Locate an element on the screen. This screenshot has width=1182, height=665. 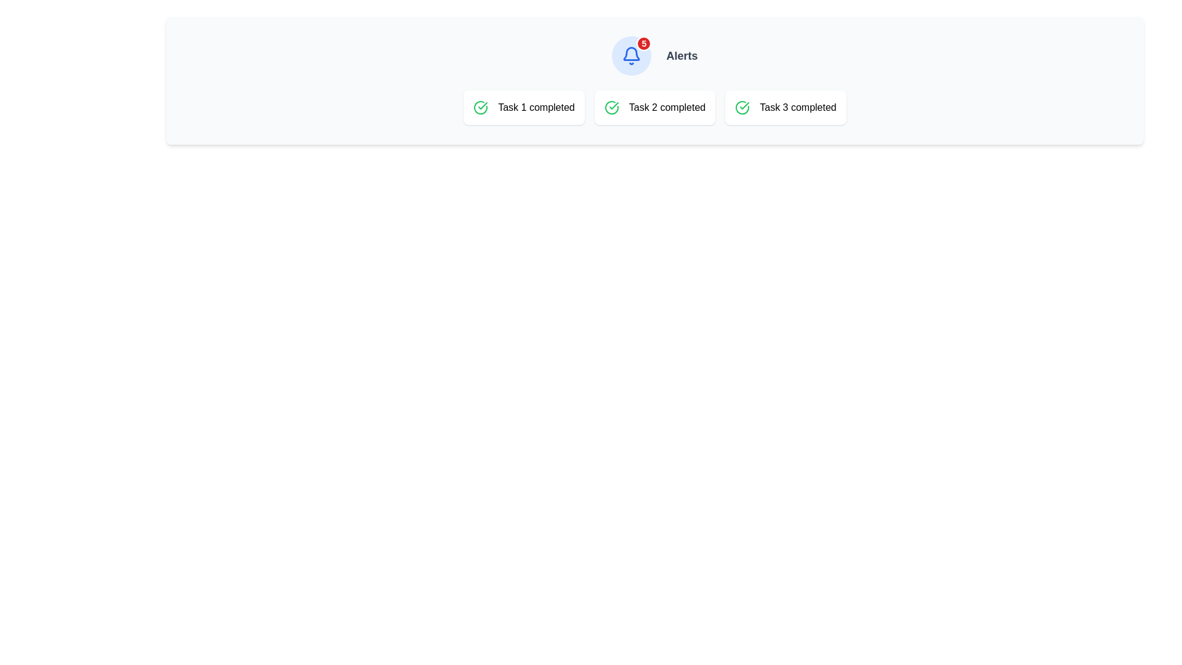
text from the completion status label for 'Task 1', which is located on the leftmost of three similar cards, with a green check icon to its left and labels for 'Task 2 completed' and 'Task 3 completed' to its right is located at coordinates (536, 107).